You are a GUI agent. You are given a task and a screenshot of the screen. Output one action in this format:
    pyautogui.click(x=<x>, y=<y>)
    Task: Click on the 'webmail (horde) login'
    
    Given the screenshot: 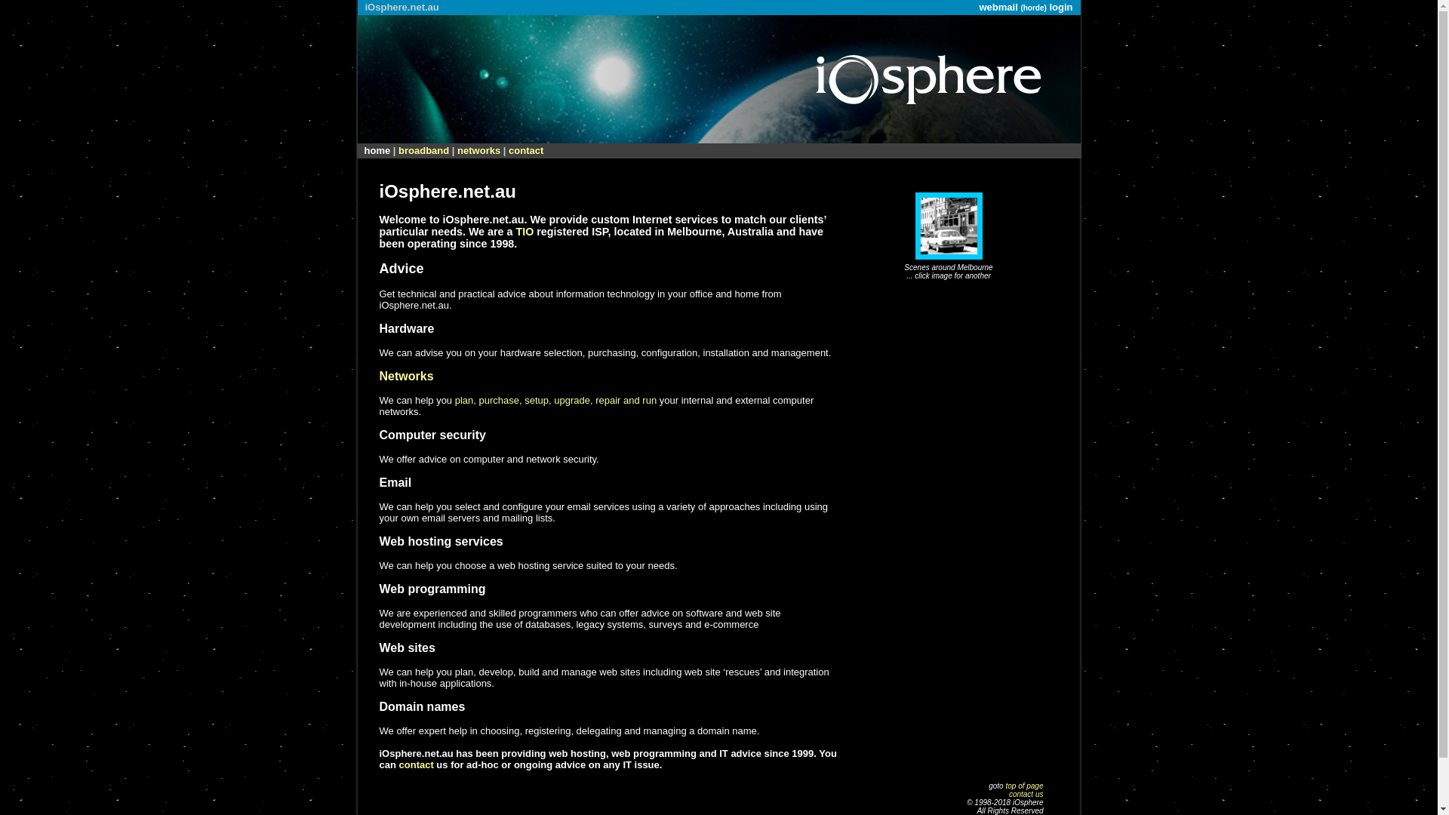 What is the action you would take?
    pyautogui.click(x=1025, y=7)
    